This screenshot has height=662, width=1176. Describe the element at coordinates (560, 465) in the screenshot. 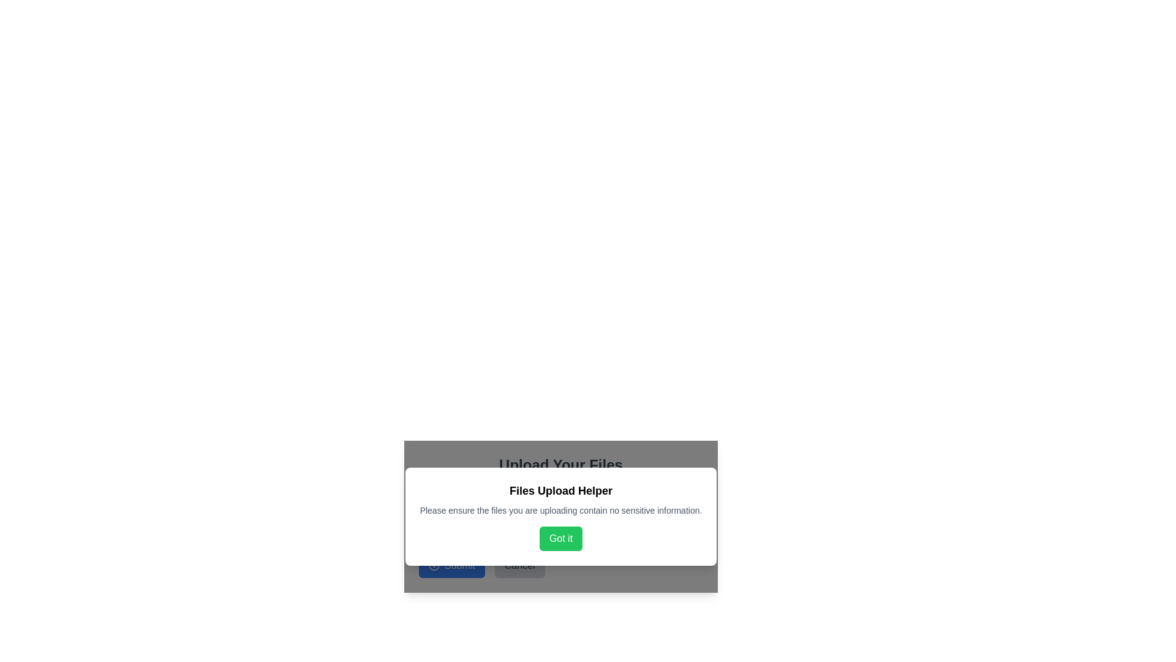

I see `the bold, large-font gray Text header located at the top of the file upload interface, which is positioned above the instructions and buttons` at that location.